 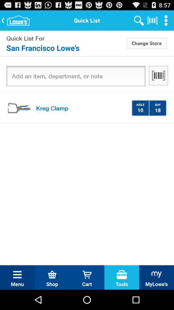 I want to click on the icon to the right of quick list for item, so click(x=147, y=43).